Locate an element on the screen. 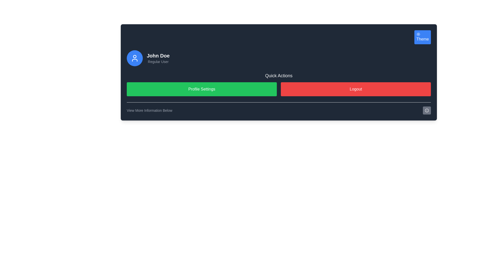  the rectangular red 'Logout' button with white text to initiate logout is located at coordinates (355, 89).